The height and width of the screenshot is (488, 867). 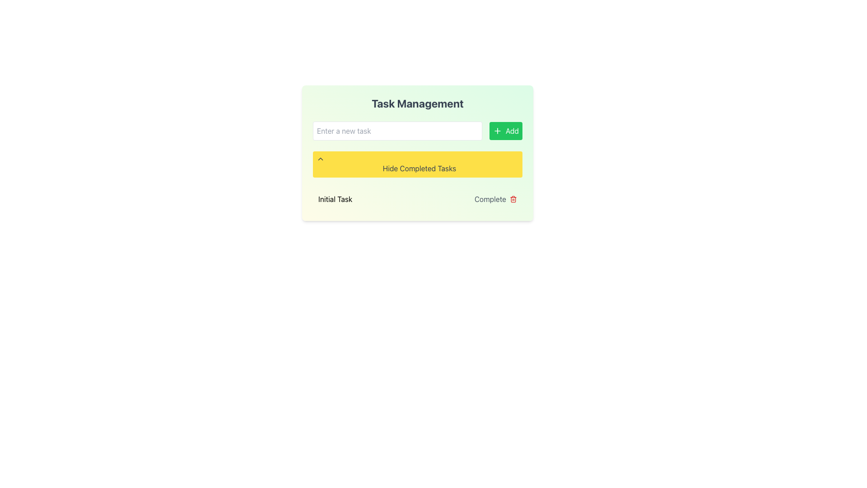 I want to click on the delete button located to the right of the 'Complete' text using keyboard navigation, so click(x=513, y=198).